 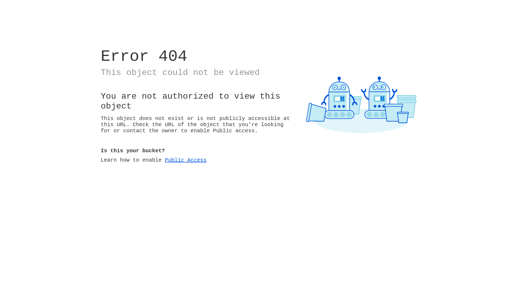 I want to click on 'Public Access', so click(x=186, y=160).